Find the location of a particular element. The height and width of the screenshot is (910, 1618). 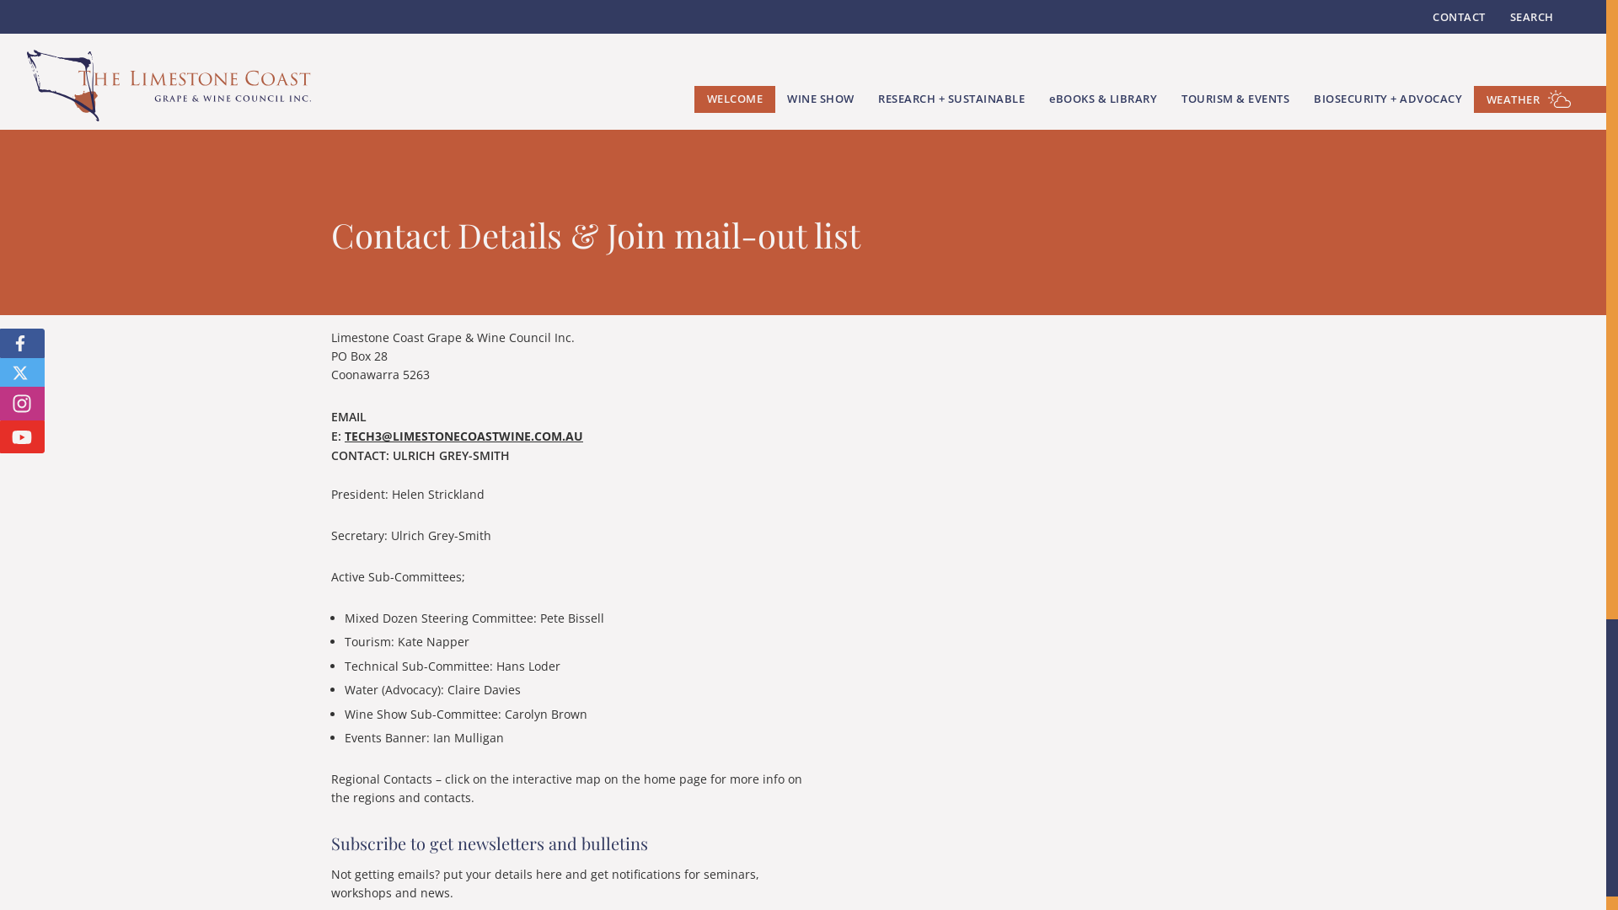

'WEATHER' is located at coordinates (1540, 99).